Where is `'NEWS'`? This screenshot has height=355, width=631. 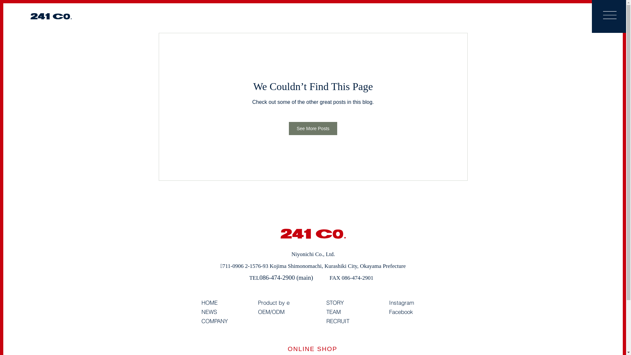
'NEWS' is located at coordinates (208, 312).